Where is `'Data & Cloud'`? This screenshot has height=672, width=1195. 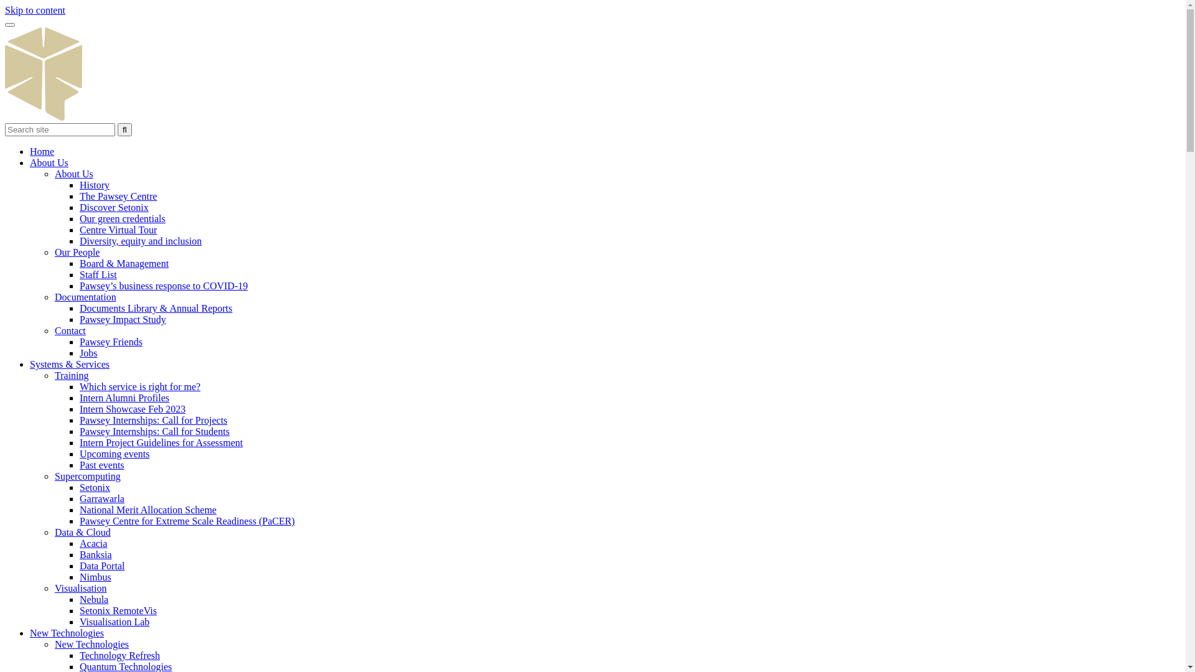 'Data & Cloud' is located at coordinates (82, 532).